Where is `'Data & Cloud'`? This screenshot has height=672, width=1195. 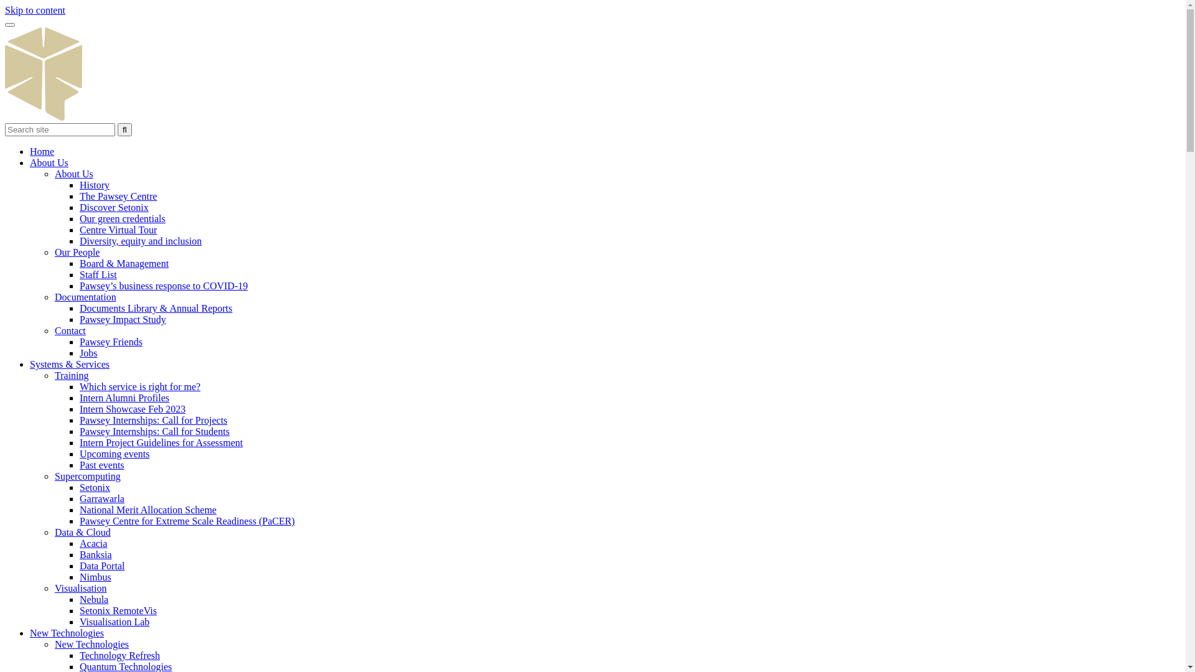 'Data & Cloud' is located at coordinates (82, 532).